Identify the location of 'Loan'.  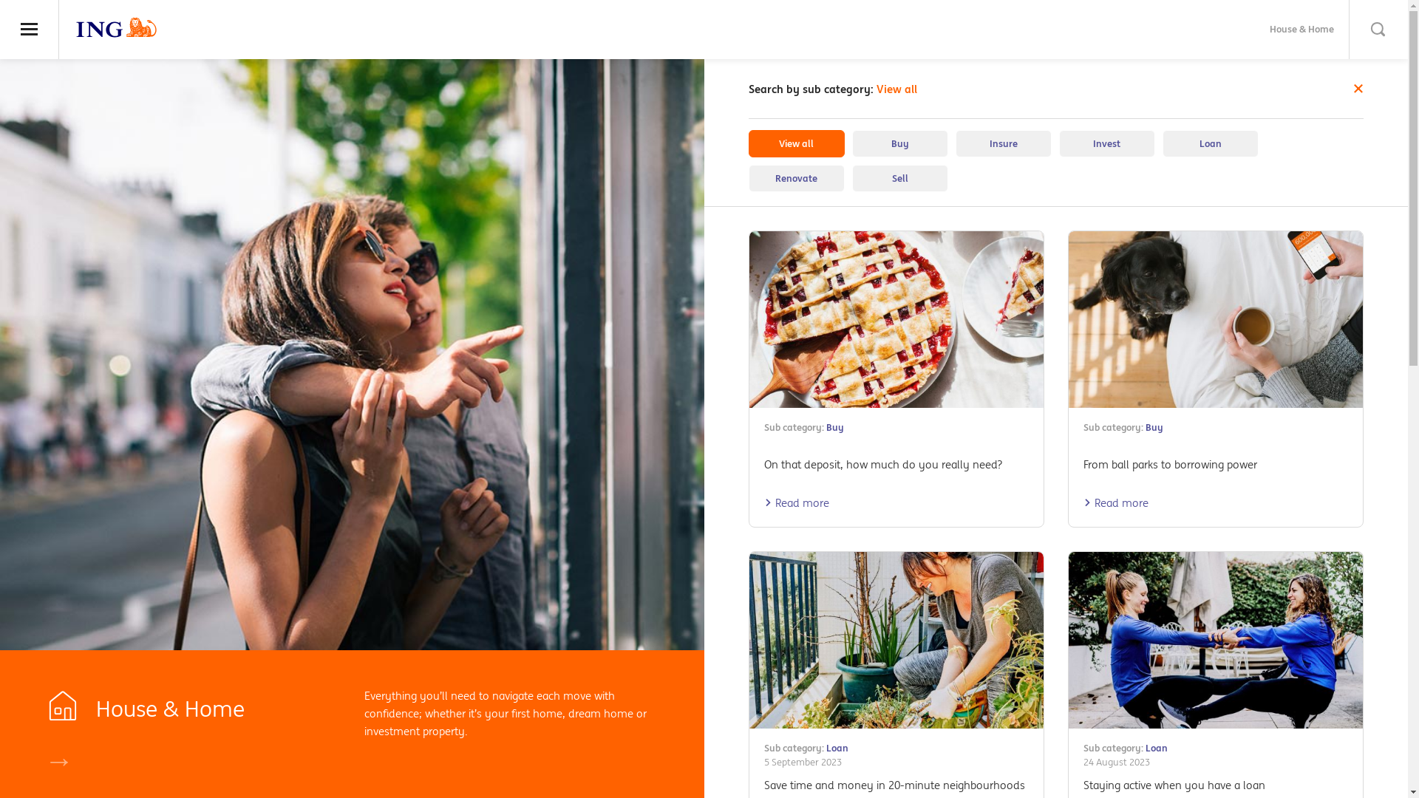
(837, 748).